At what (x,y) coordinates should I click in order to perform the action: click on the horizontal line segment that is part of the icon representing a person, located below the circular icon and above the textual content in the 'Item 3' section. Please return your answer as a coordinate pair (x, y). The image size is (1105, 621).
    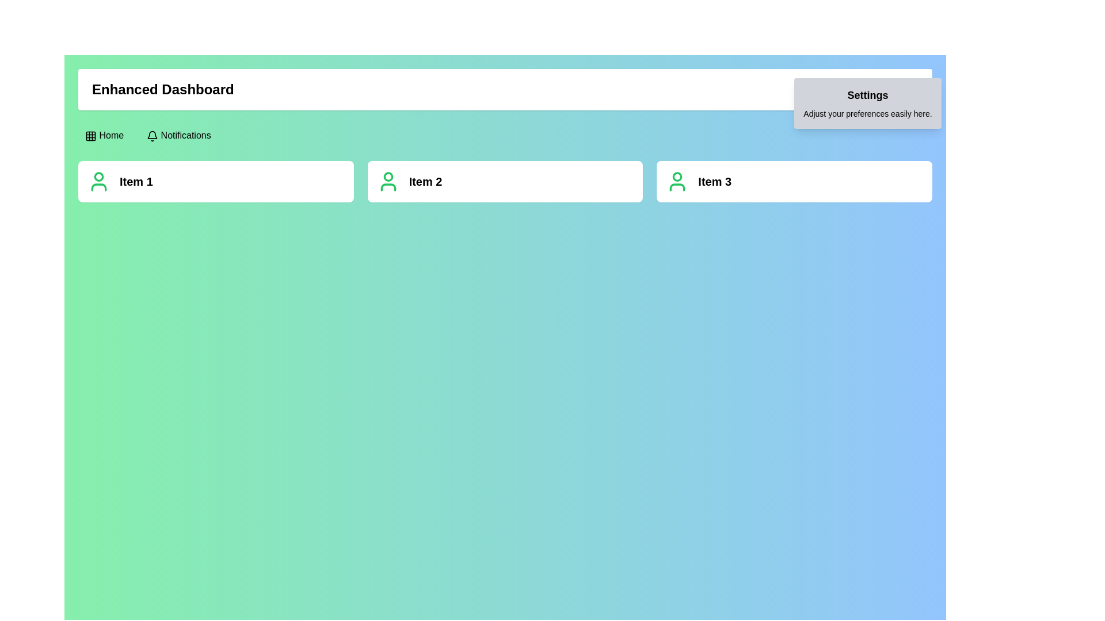
    Looking at the image, I should click on (677, 187).